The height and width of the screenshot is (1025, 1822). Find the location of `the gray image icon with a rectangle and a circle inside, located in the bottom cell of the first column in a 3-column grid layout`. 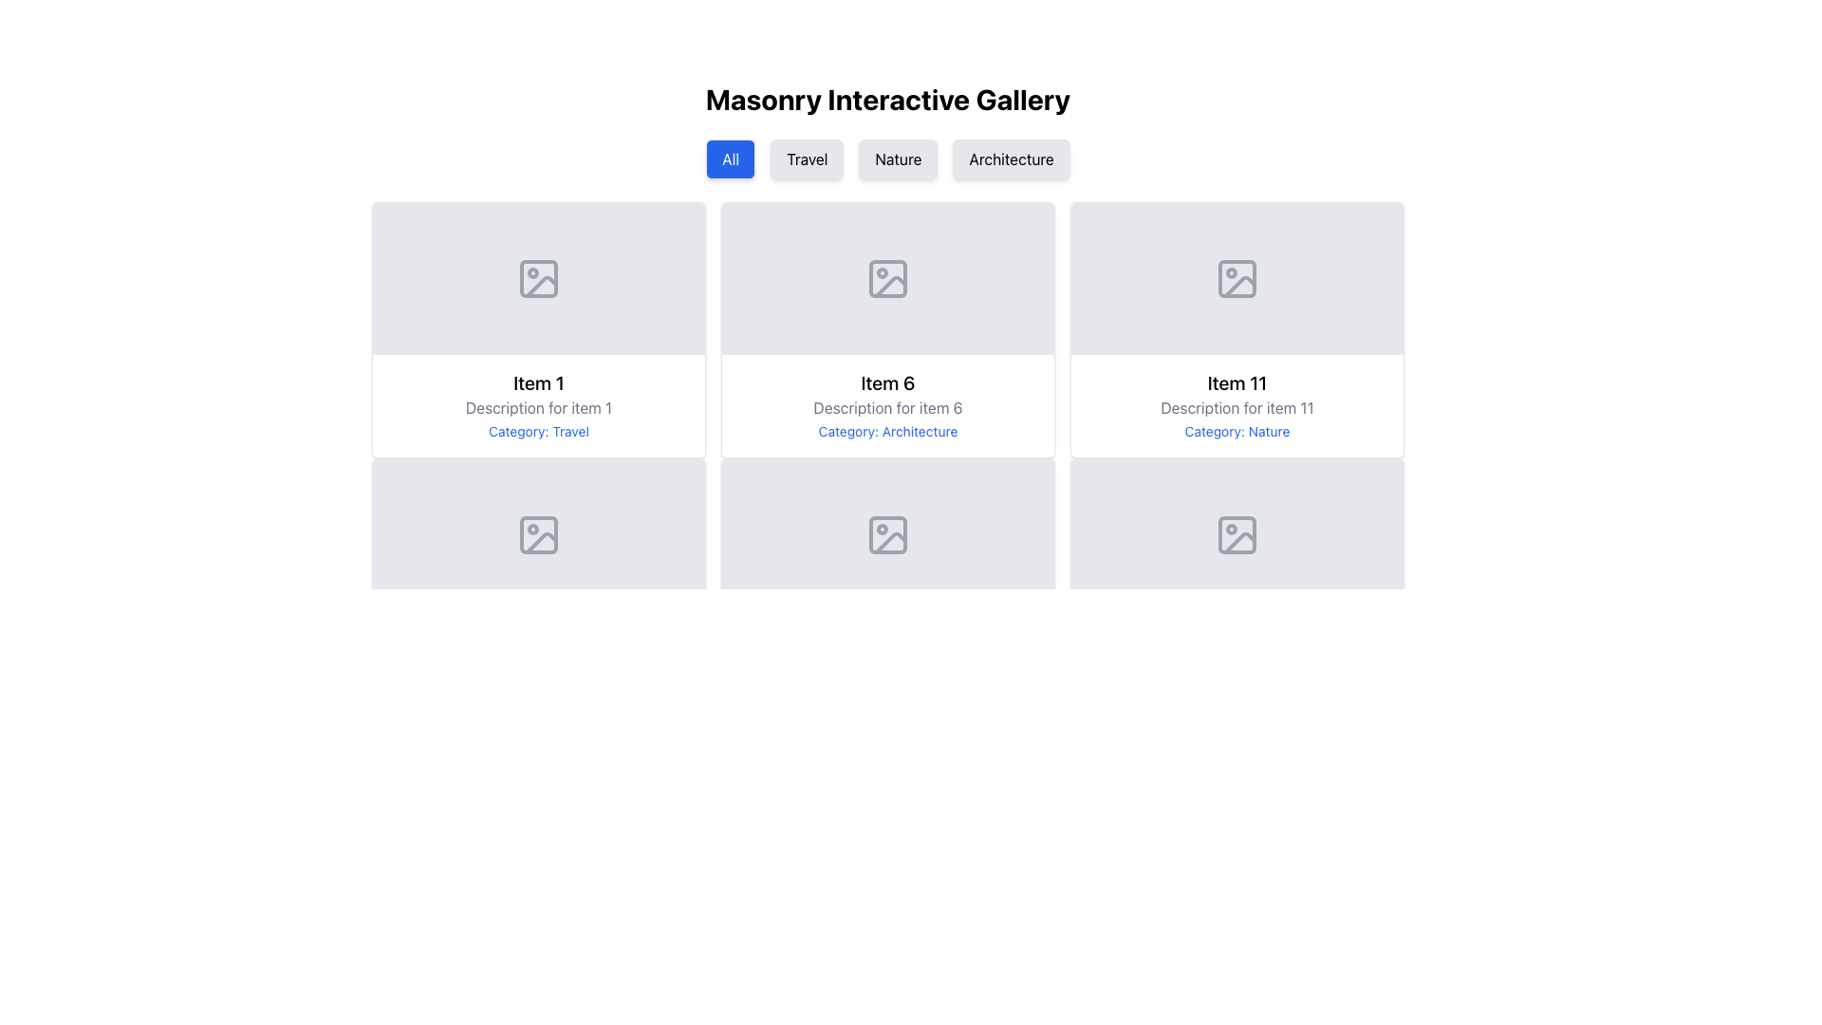

the gray image icon with a rectangle and a circle inside, located in the bottom cell of the first column in a 3-column grid layout is located at coordinates (537, 534).